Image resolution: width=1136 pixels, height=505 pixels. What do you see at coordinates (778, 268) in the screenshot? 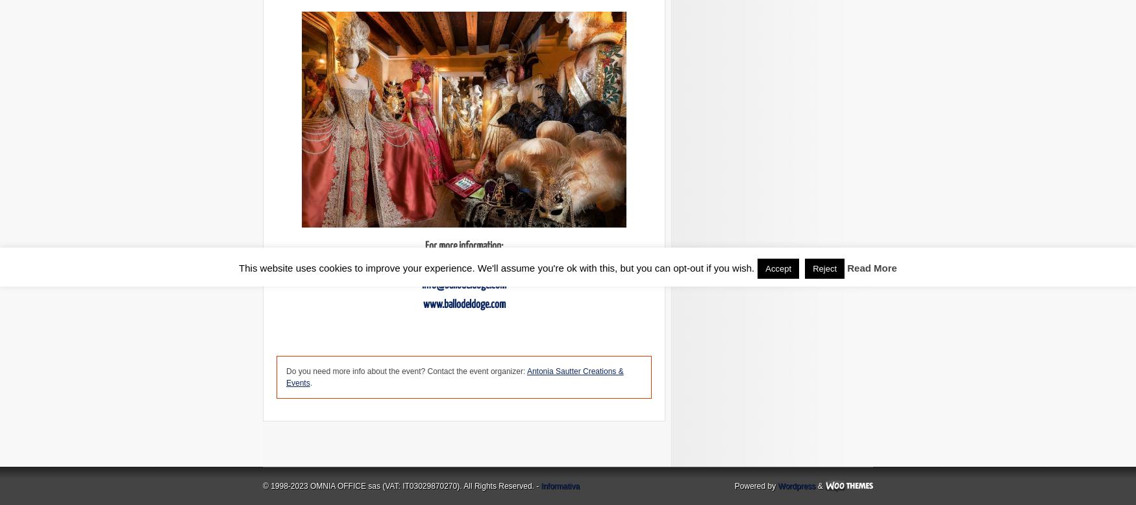
I see `'Accept'` at bounding box center [778, 268].